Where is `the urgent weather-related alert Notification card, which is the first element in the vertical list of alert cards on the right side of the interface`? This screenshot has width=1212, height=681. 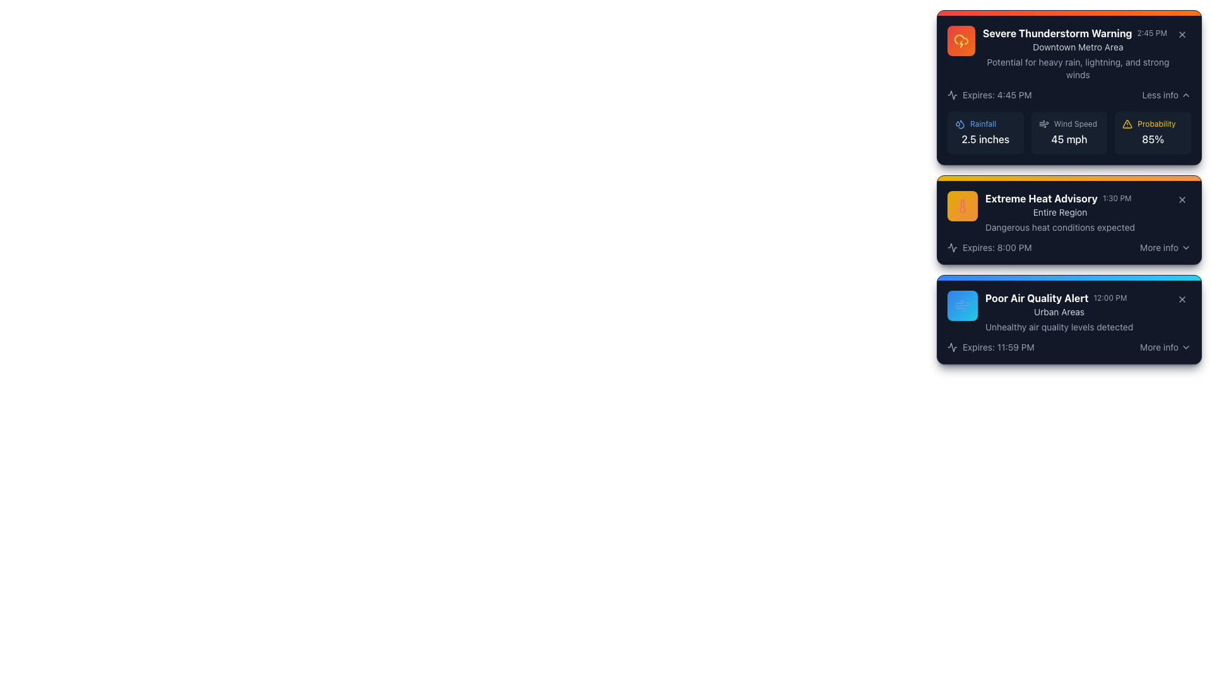 the urgent weather-related alert Notification card, which is the first element in the vertical list of alert cards on the right side of the interface is located at coordinates (1060, 52).